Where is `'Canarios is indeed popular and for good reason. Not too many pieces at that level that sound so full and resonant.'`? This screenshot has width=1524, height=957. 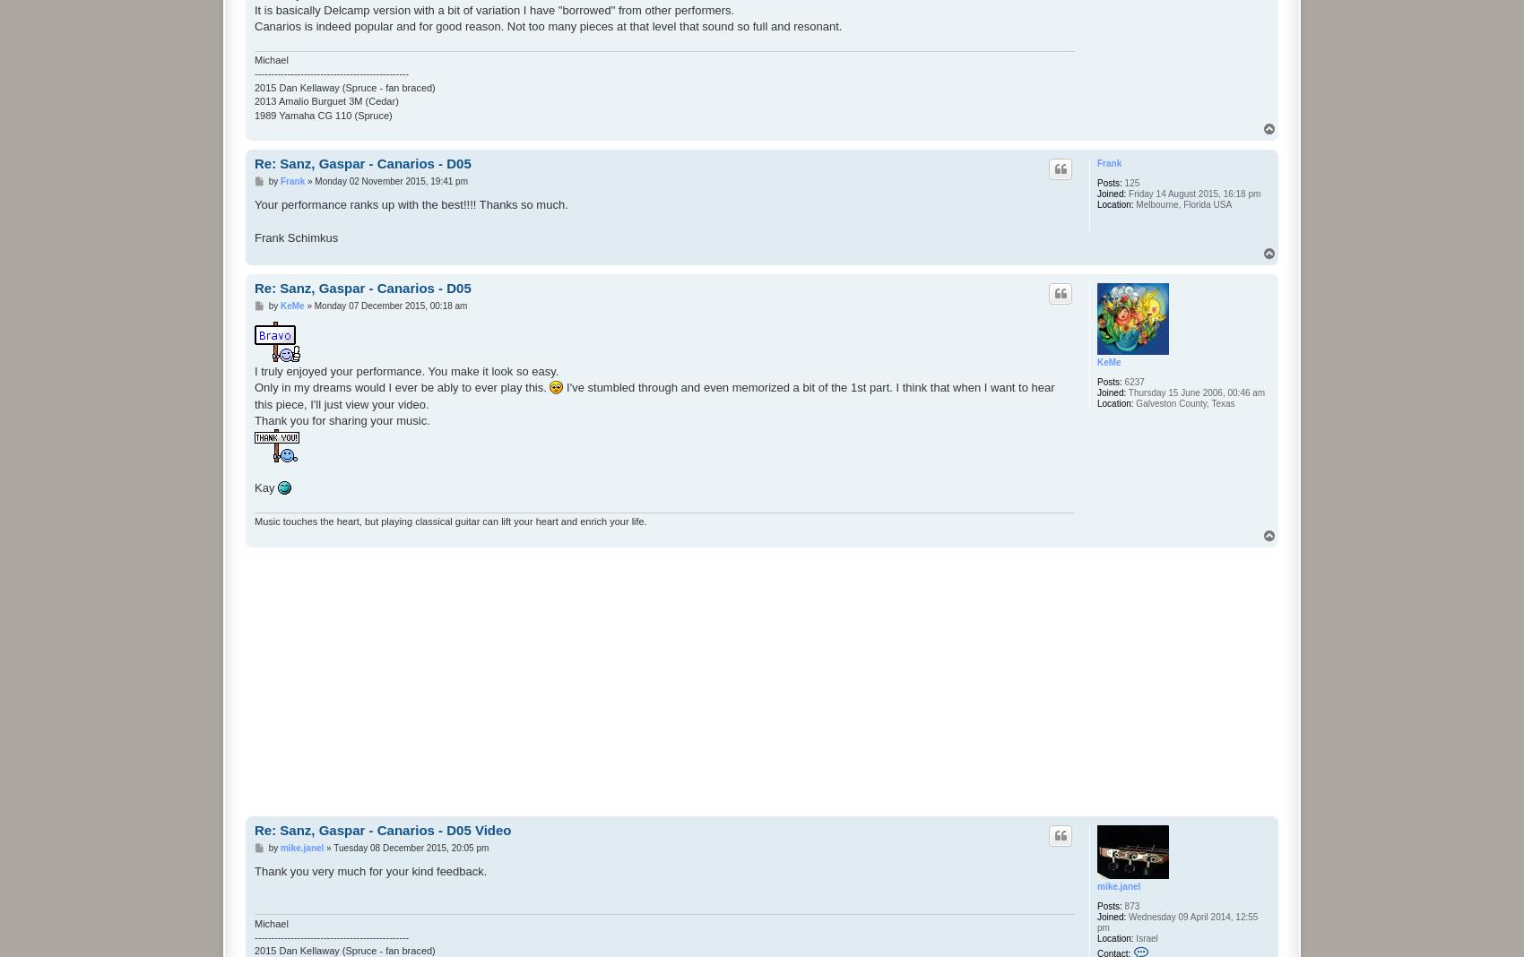 'Canarios is indeed popular and for good reason. Not too many pieces at that level that sound so full and resonant.' is located at coordinates (547, 25).